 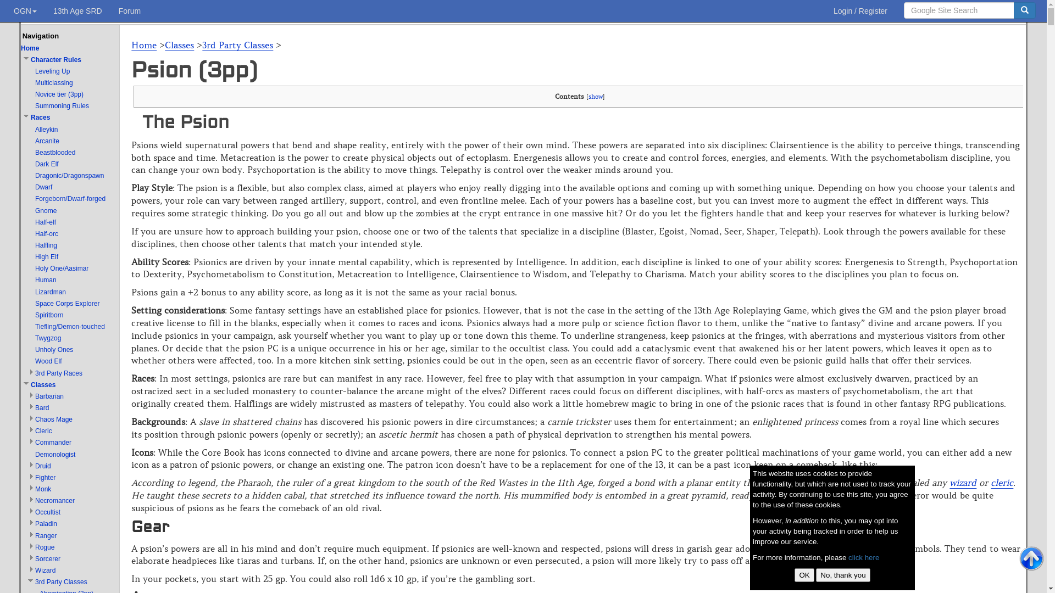 What do you see at coordinates (35, 233) in the screenshot?
I see `'Half-orc'` at bounding box center [35, 233].